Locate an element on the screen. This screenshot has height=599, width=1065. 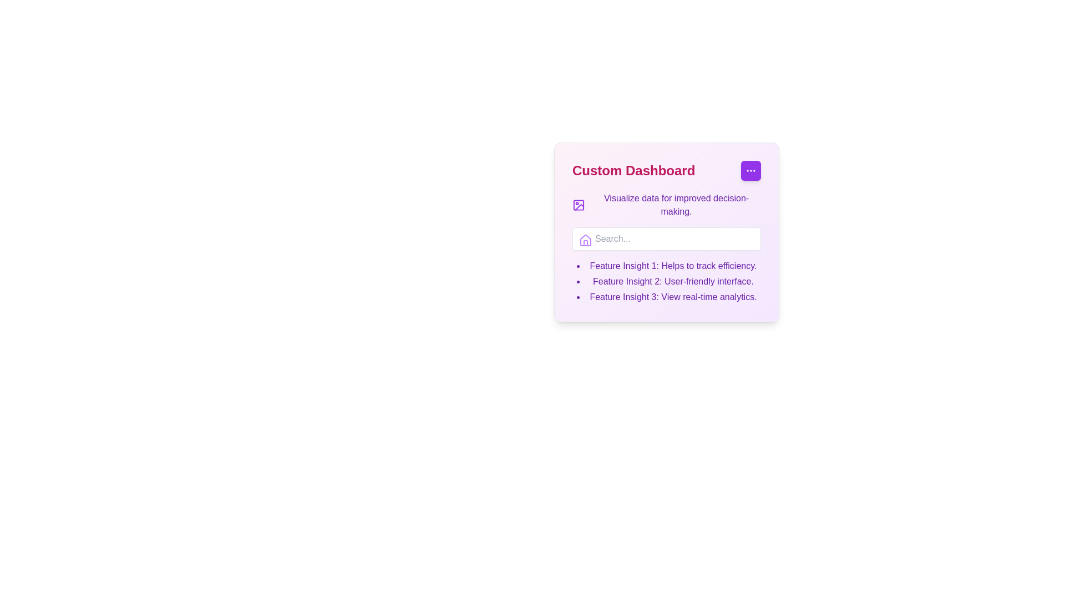
over the Text Input Field located below the 'Custom Dashboard' heading and above the bullet-point list is located at coordinates (666, 238).